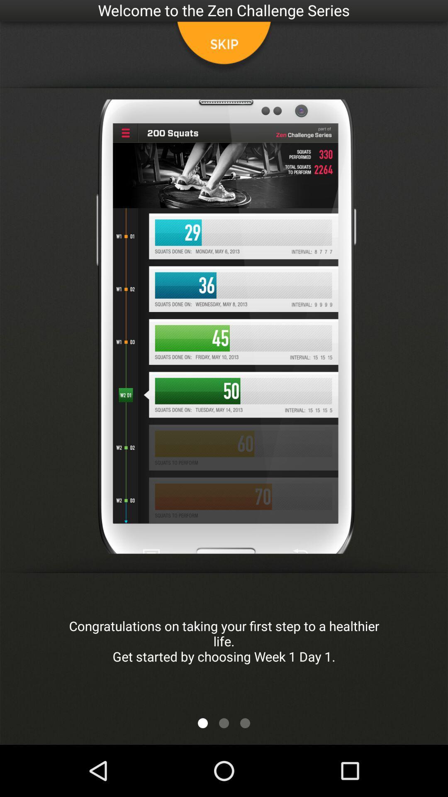 This screenshot has width=448, height=797. Describe the element at coordinates (203, 723) in the screenshot. I see `first page` at that location.